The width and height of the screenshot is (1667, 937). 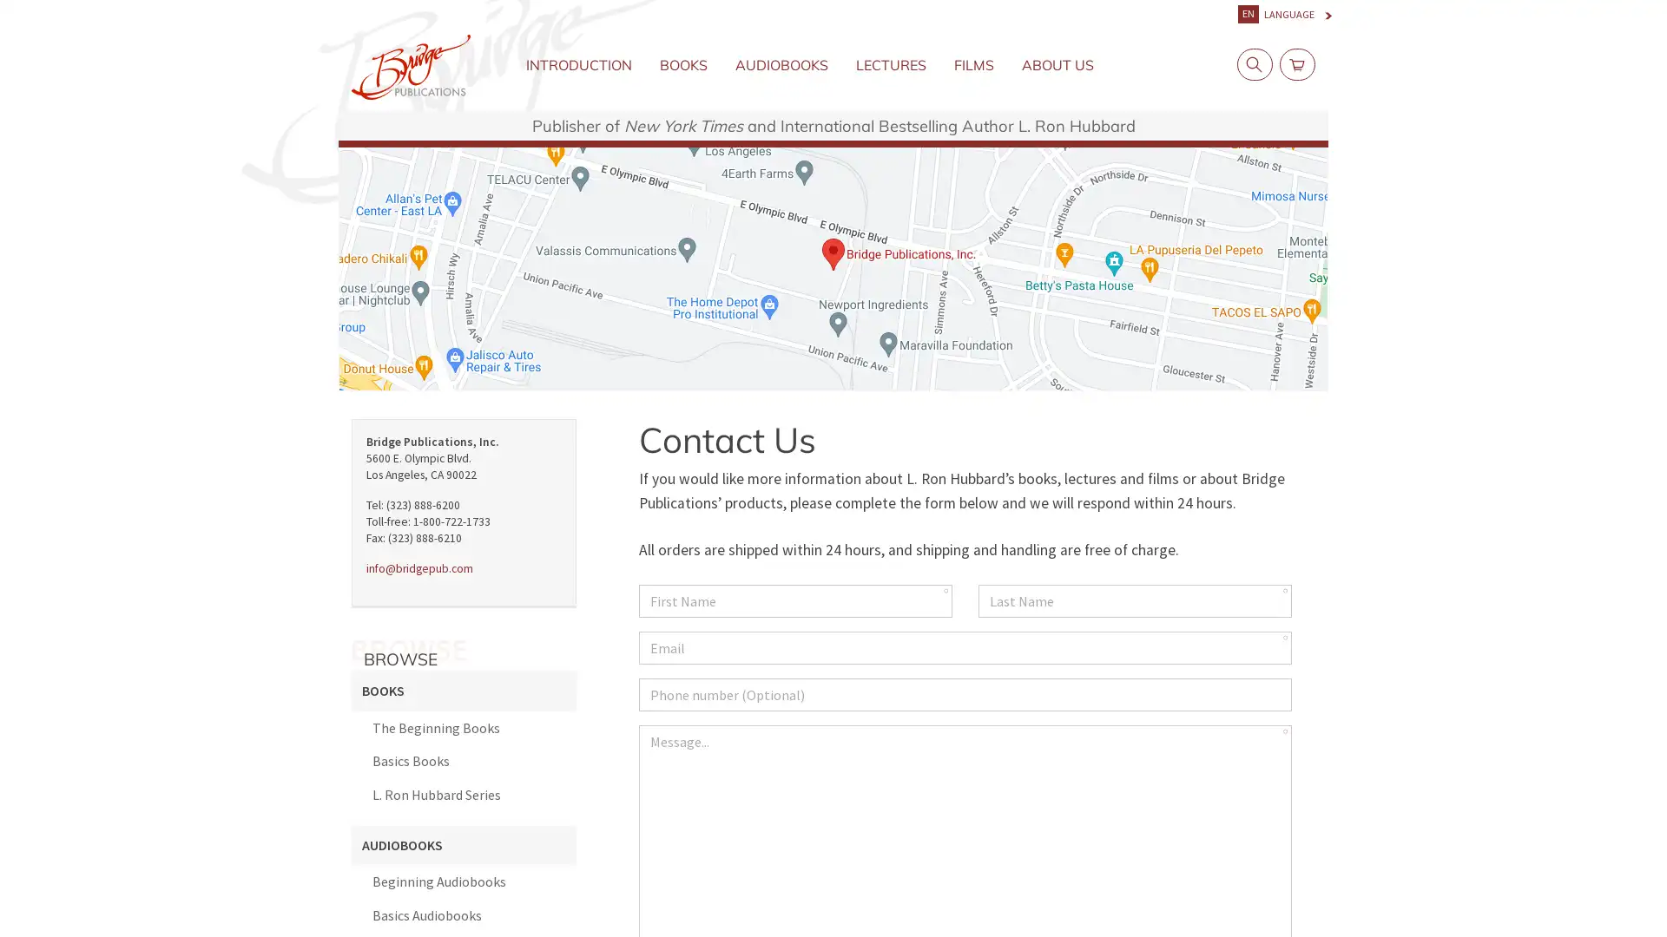 What do you see at coordinates (1549, 897) in the screenshot?
I see `Leave us a message.` at bounding box center [1549, 897].